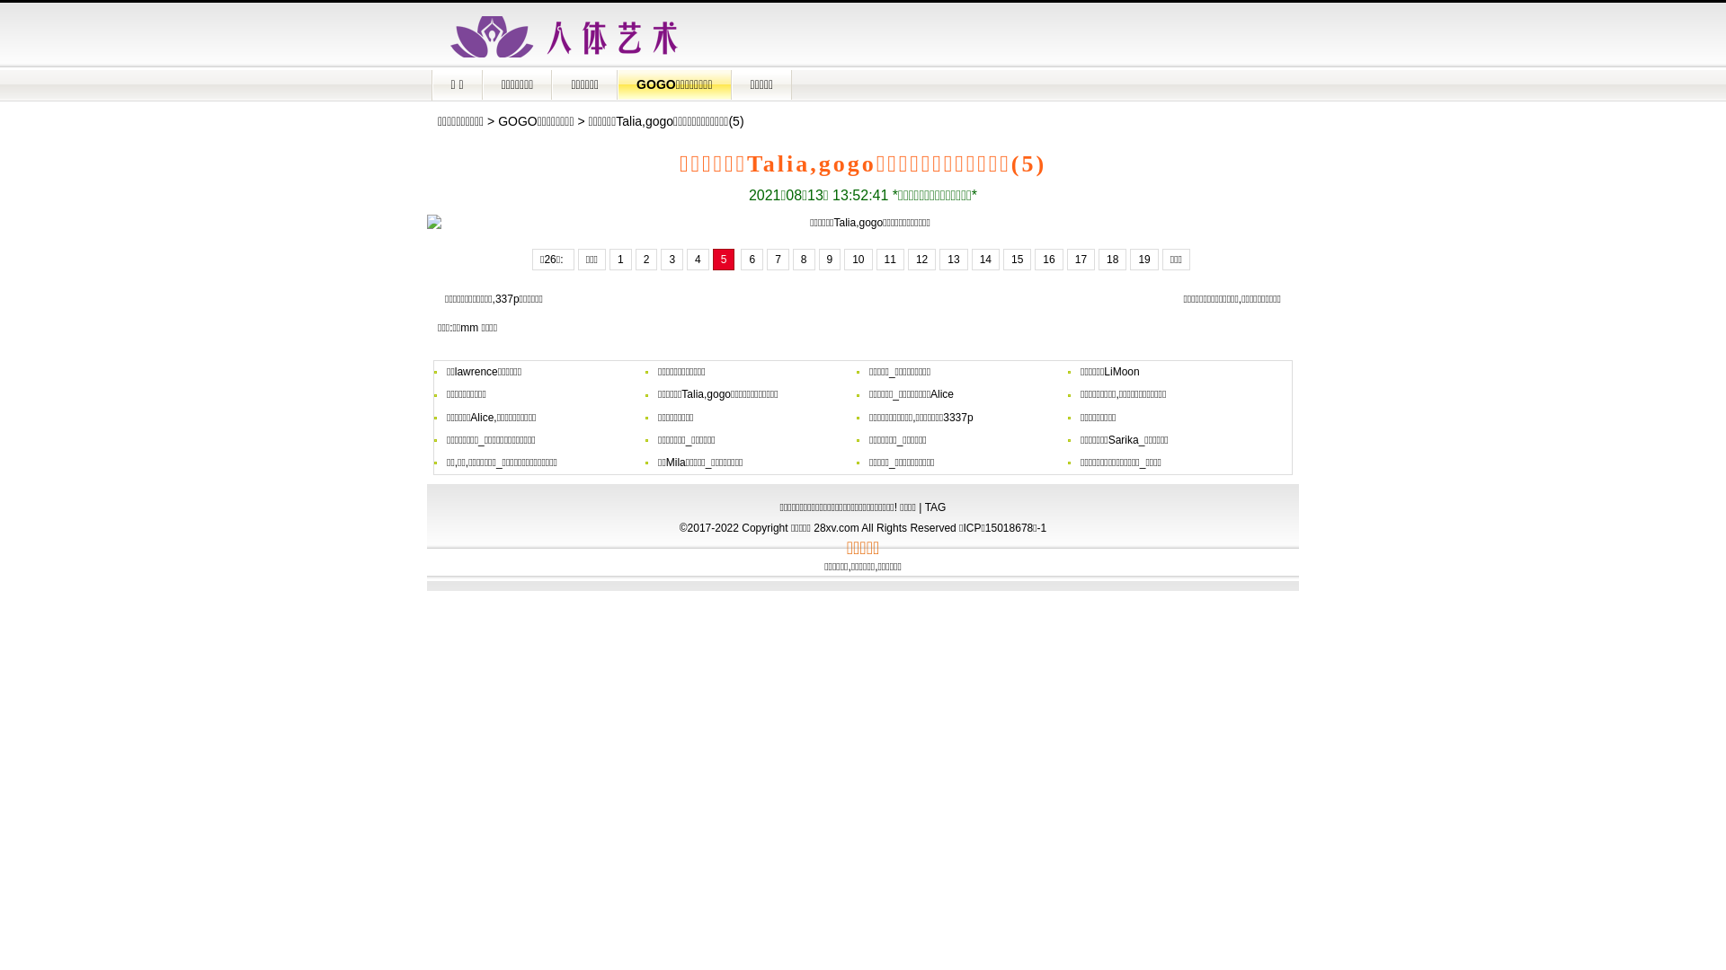  I want to click on 'TAG', so click(935, 507).